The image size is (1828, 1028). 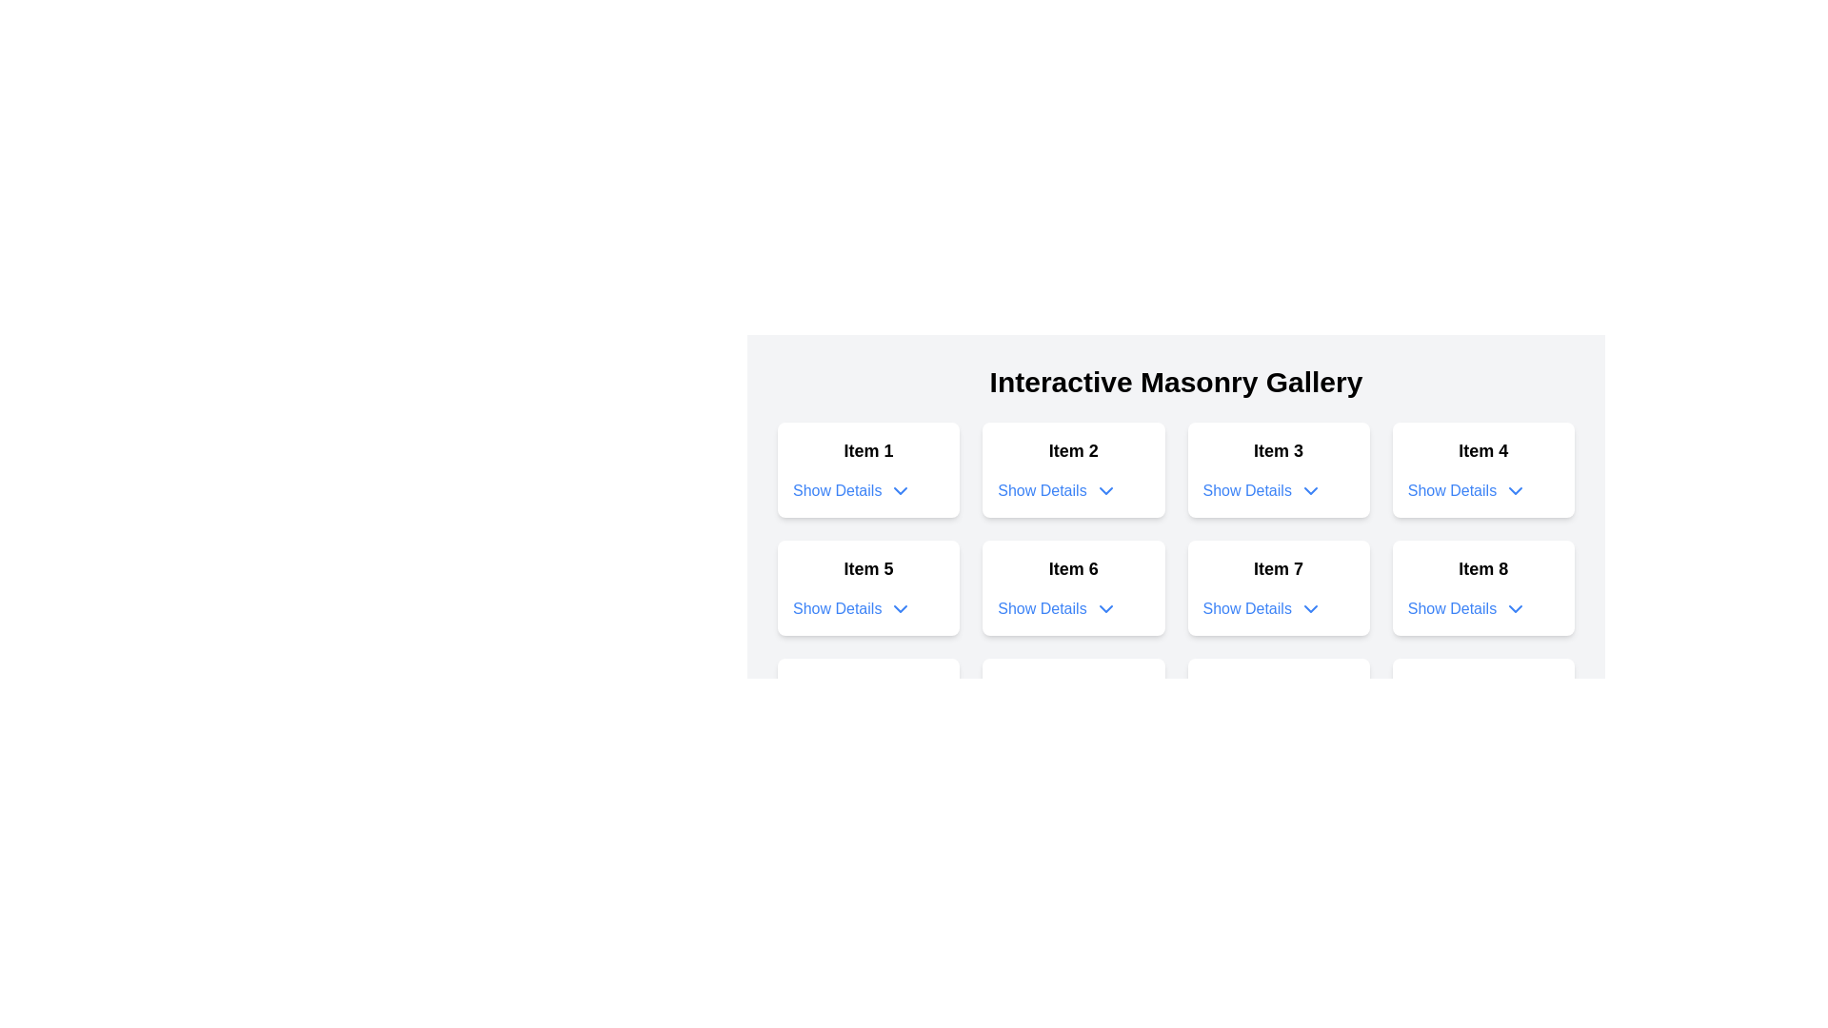 What do you see at coordinates (1279, 469) in the screenshot?
I see `the 'Show Details' link on the Card located in the third position of the first row` at bounding box center [1279, 469].